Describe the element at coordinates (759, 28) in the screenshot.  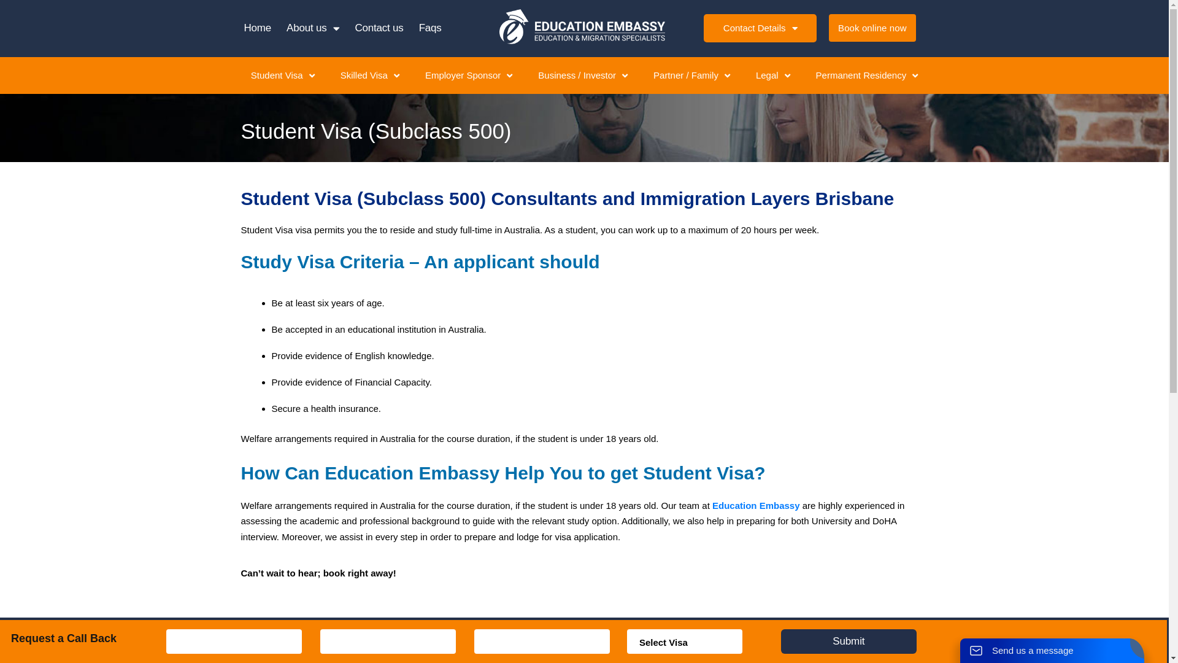
I see `'Contact Details'` at that location.